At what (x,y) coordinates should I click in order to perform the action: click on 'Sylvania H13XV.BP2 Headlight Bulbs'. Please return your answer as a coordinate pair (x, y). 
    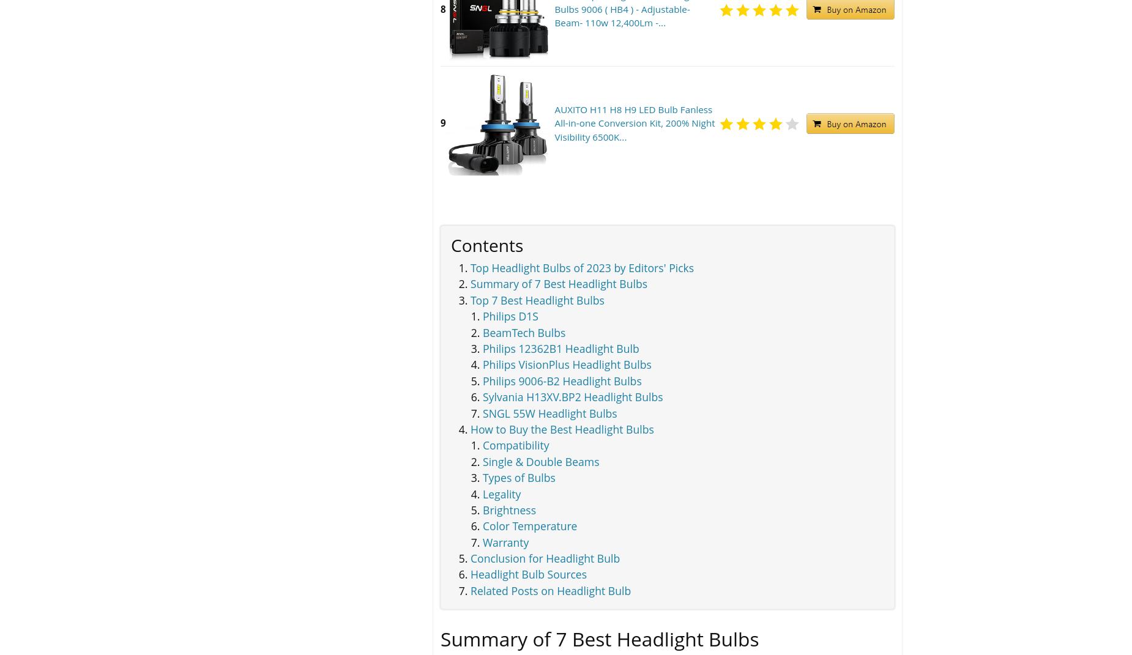
    Looking at the image, I should click on (572, 396).